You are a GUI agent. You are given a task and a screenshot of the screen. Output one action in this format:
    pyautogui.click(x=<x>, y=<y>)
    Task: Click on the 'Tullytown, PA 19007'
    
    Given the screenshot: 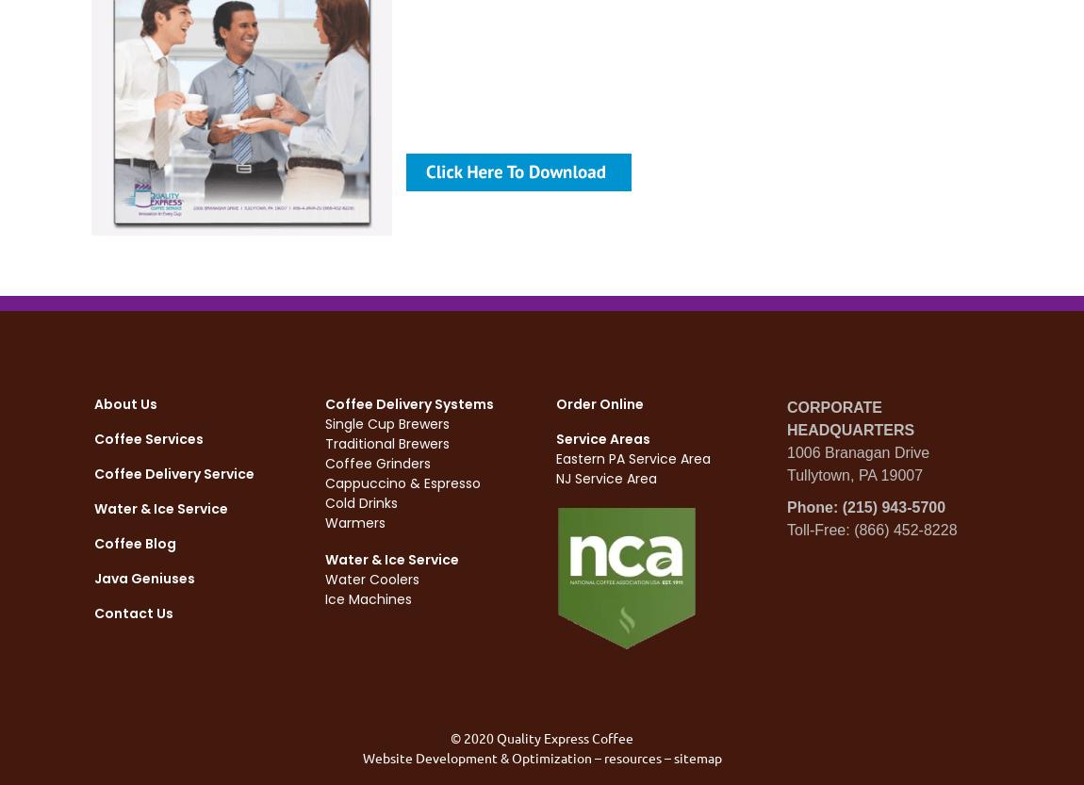 What is the action you would take?
    pyautogui.click(x=855, y=474)
    